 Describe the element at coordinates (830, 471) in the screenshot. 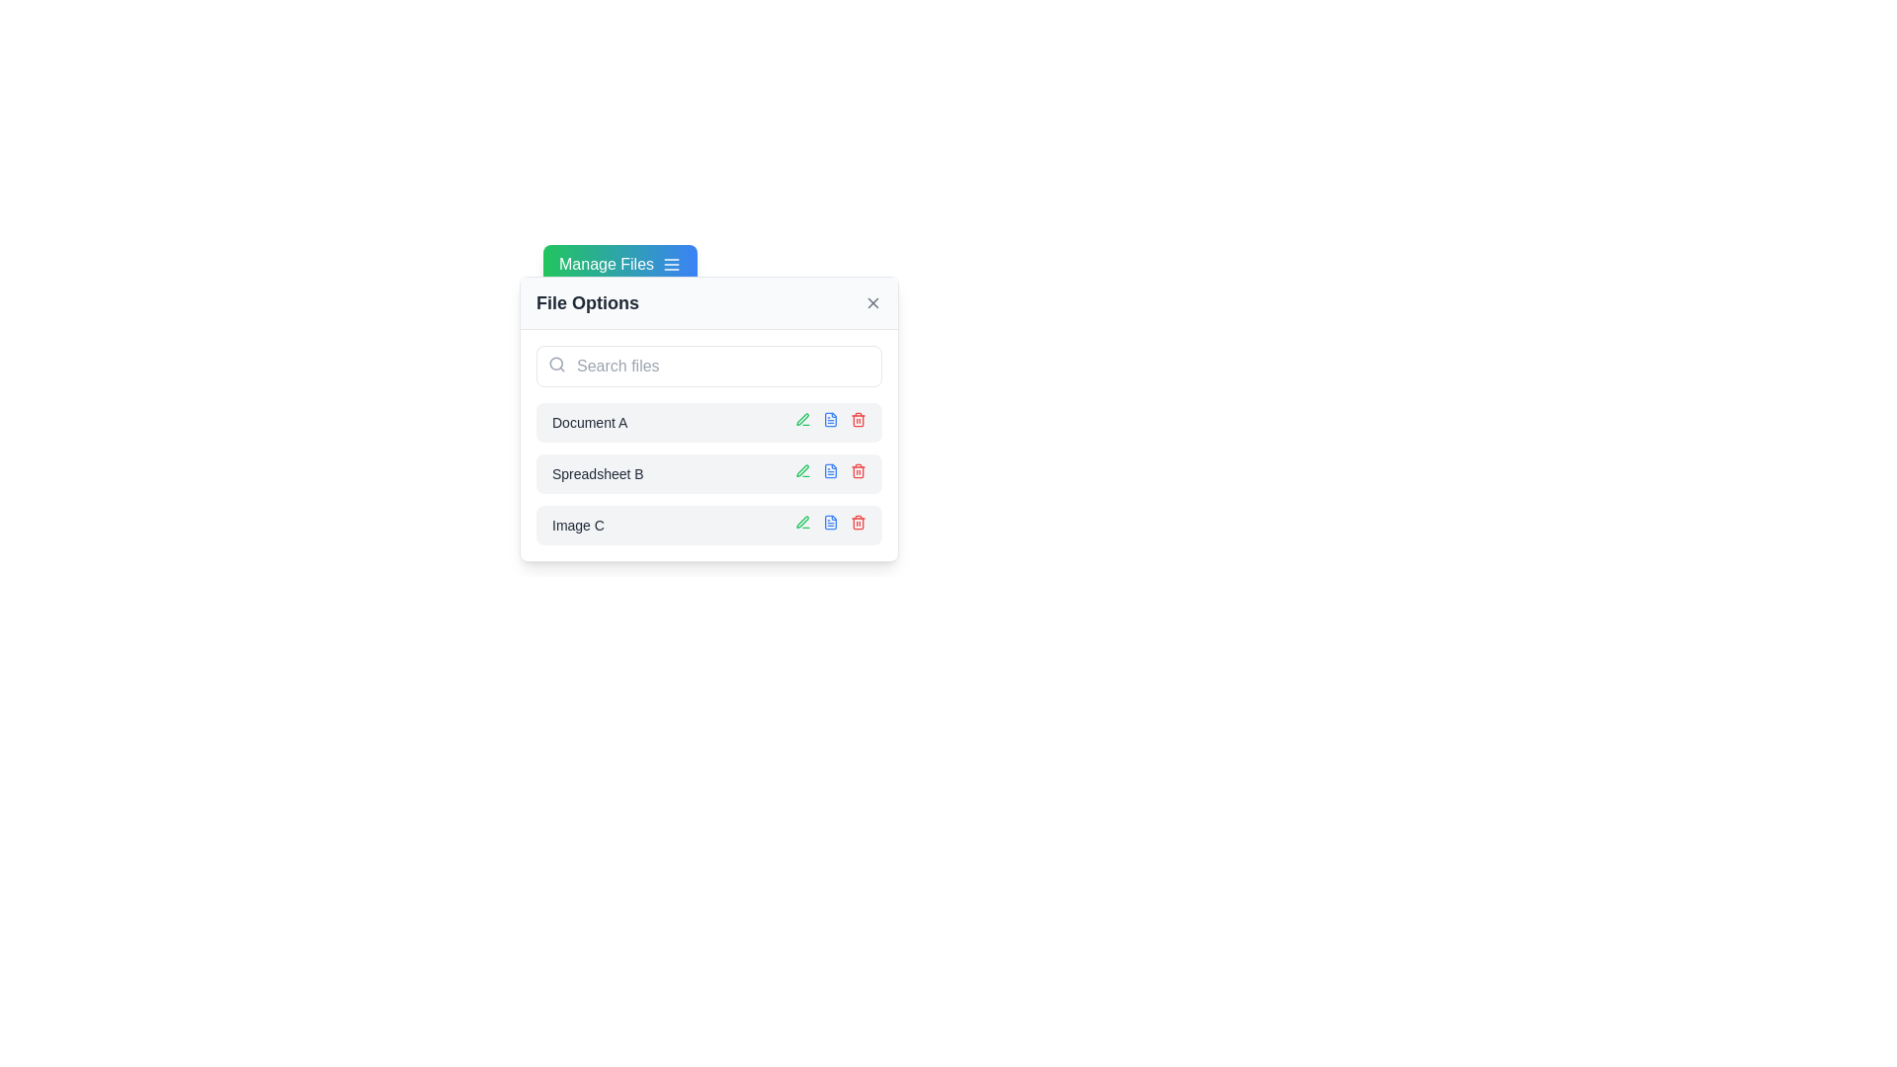

I see `the interactive file icon styled in blue, which is the second icon in a group of three, located between a green edit icon and a red delete icon` at that location.